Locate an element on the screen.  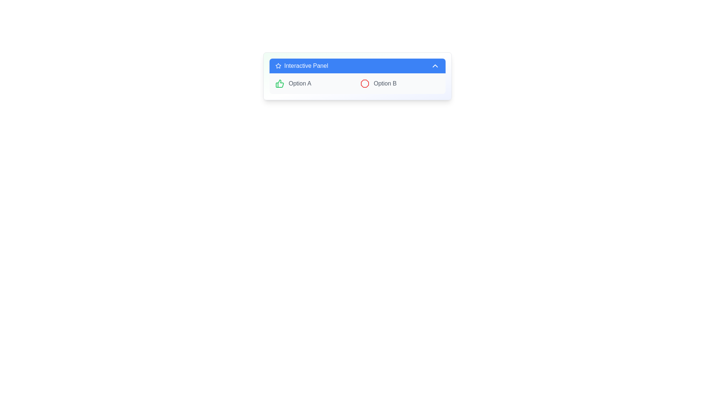
the star icon located in the blue panel labeled 'Interactive Panel' to the left of the panel's text label is located at coordinates (278, 65).